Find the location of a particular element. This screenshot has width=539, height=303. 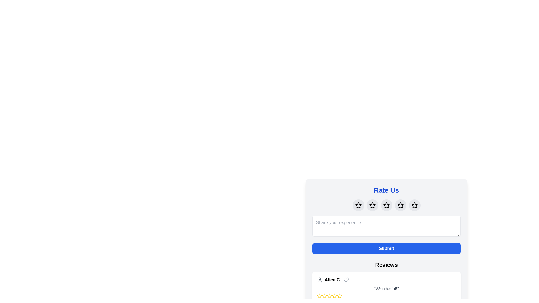

the first yellow star-shaped rating icon located underneath the user's review section, aligned to the left of the text line starting with 'Alice C.' is located at coordinates (319, 296).